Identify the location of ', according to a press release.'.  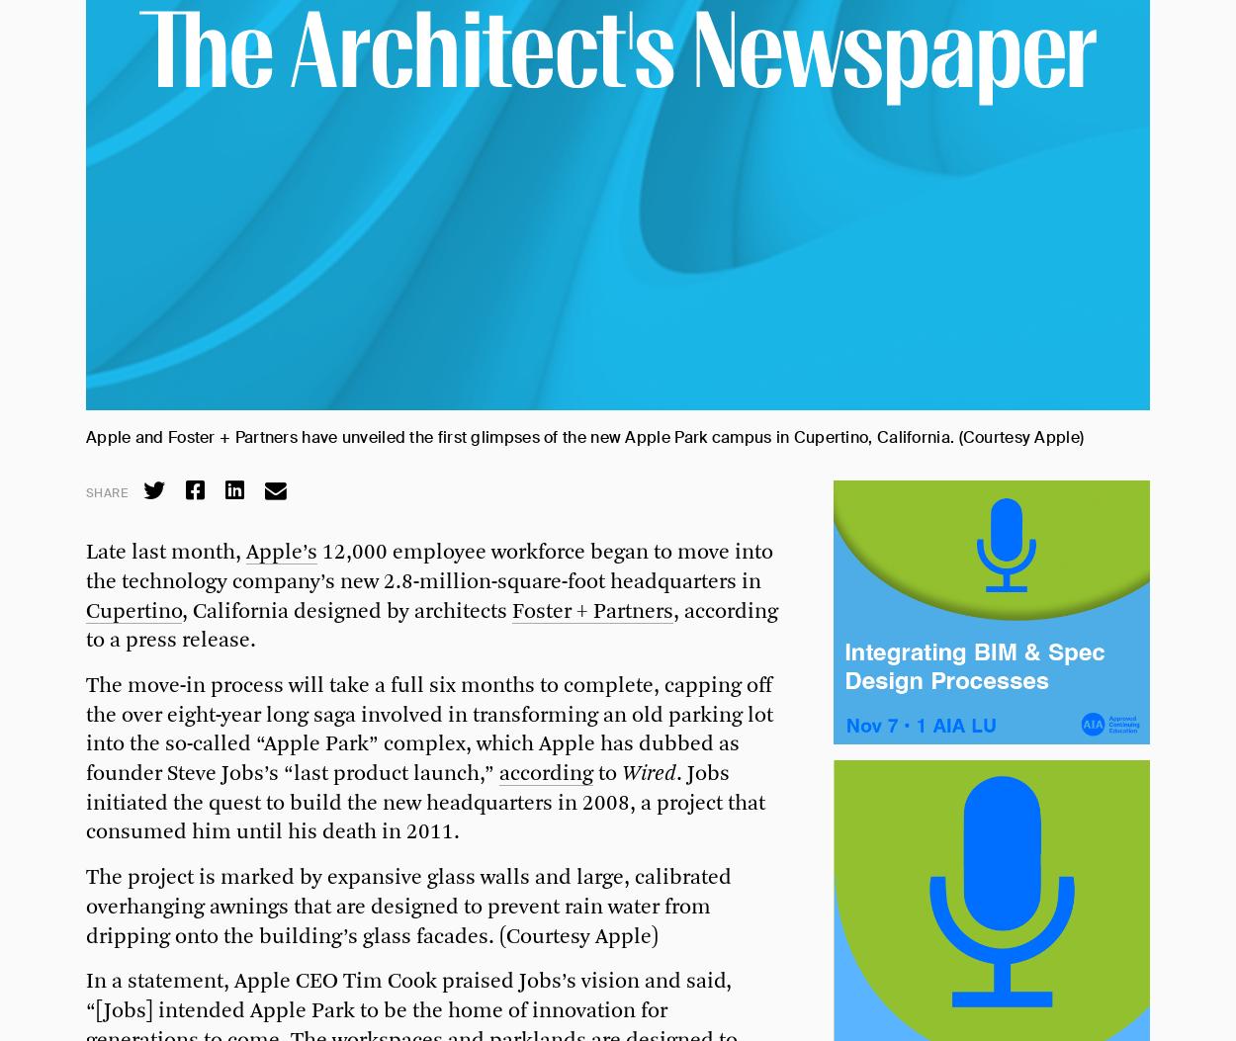
(432, 625).